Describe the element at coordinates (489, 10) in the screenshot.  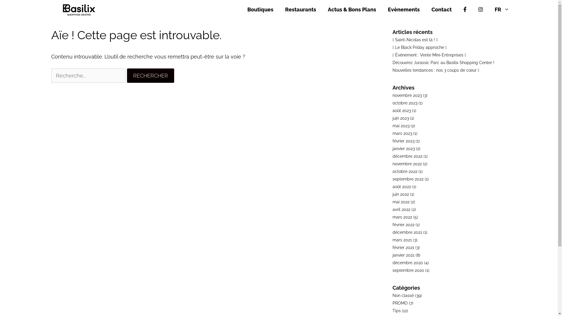
I see `'FR'` at that location.